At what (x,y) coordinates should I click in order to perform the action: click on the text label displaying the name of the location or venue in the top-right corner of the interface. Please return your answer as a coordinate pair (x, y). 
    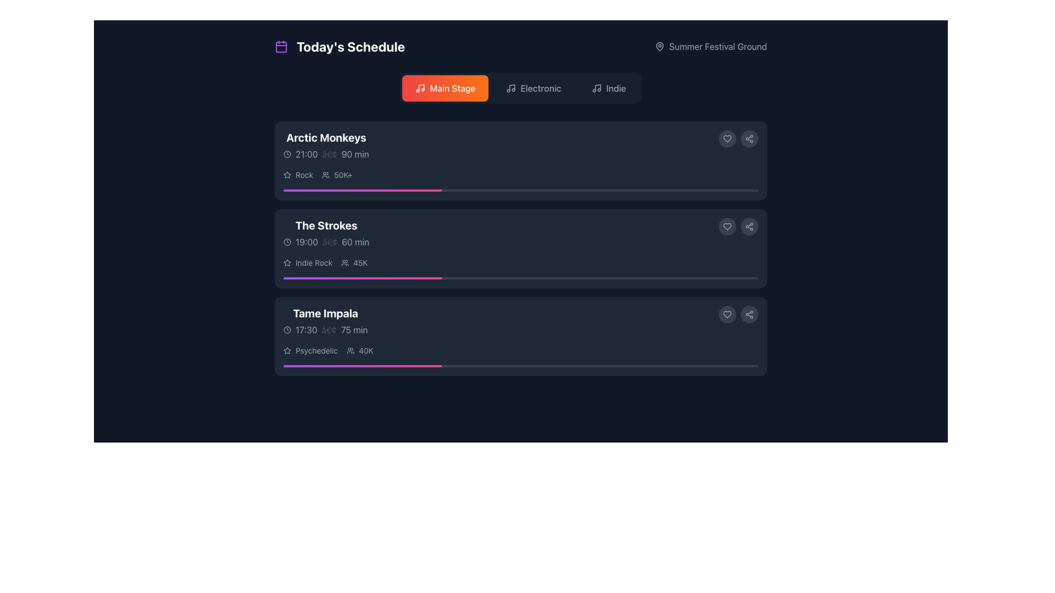
    Looking at the image, I should click on (718, 46).